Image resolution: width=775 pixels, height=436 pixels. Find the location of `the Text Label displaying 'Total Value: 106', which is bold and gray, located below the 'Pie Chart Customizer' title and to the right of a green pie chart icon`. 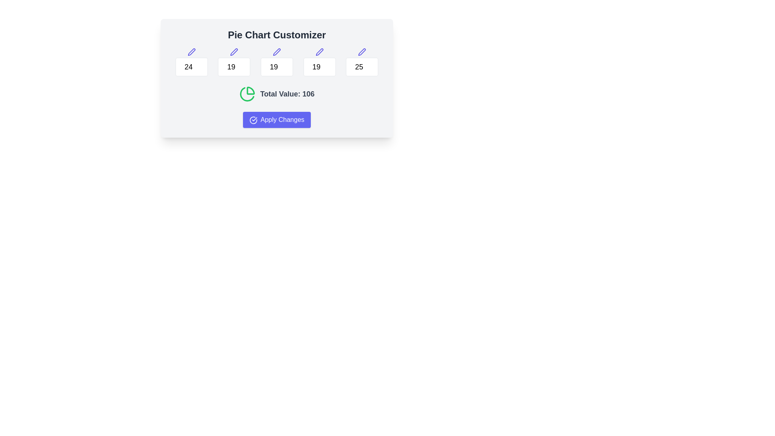

the Text Label displaying 'Total Value: 106', which is bold and gray, located below the 'Pie Chart Customizer' title and to the right of a green pie chart icon is located at coordinates (287, 93).